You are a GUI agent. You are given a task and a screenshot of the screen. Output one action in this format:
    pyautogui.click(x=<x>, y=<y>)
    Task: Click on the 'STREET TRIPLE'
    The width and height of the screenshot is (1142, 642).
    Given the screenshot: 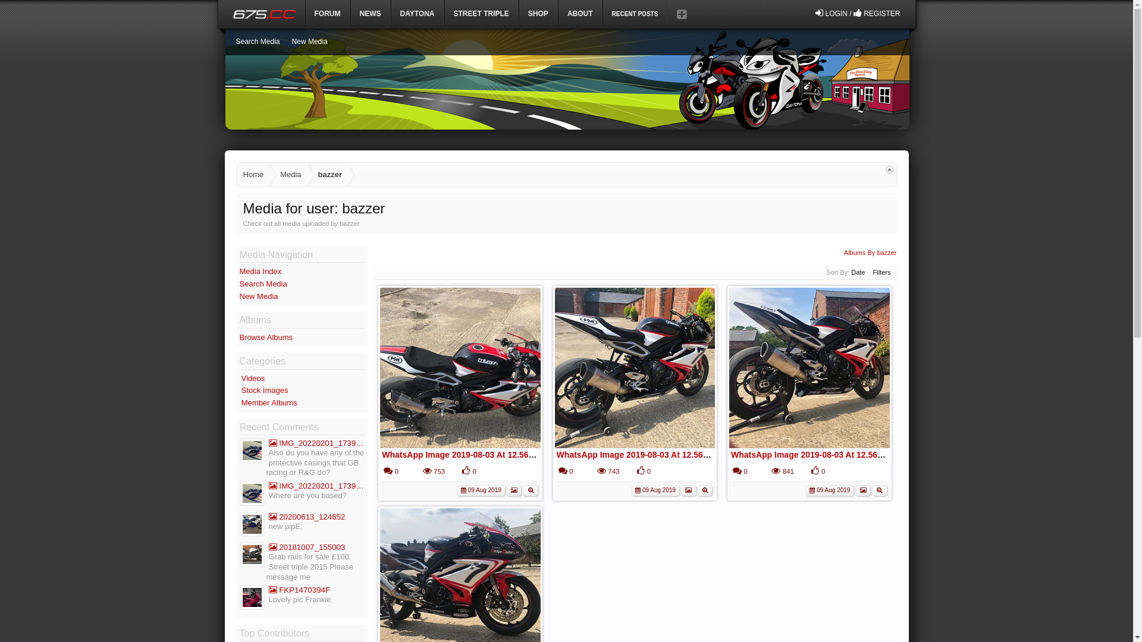 What is the action you would take?
    pyautogui.click(x=481, y=13)
    